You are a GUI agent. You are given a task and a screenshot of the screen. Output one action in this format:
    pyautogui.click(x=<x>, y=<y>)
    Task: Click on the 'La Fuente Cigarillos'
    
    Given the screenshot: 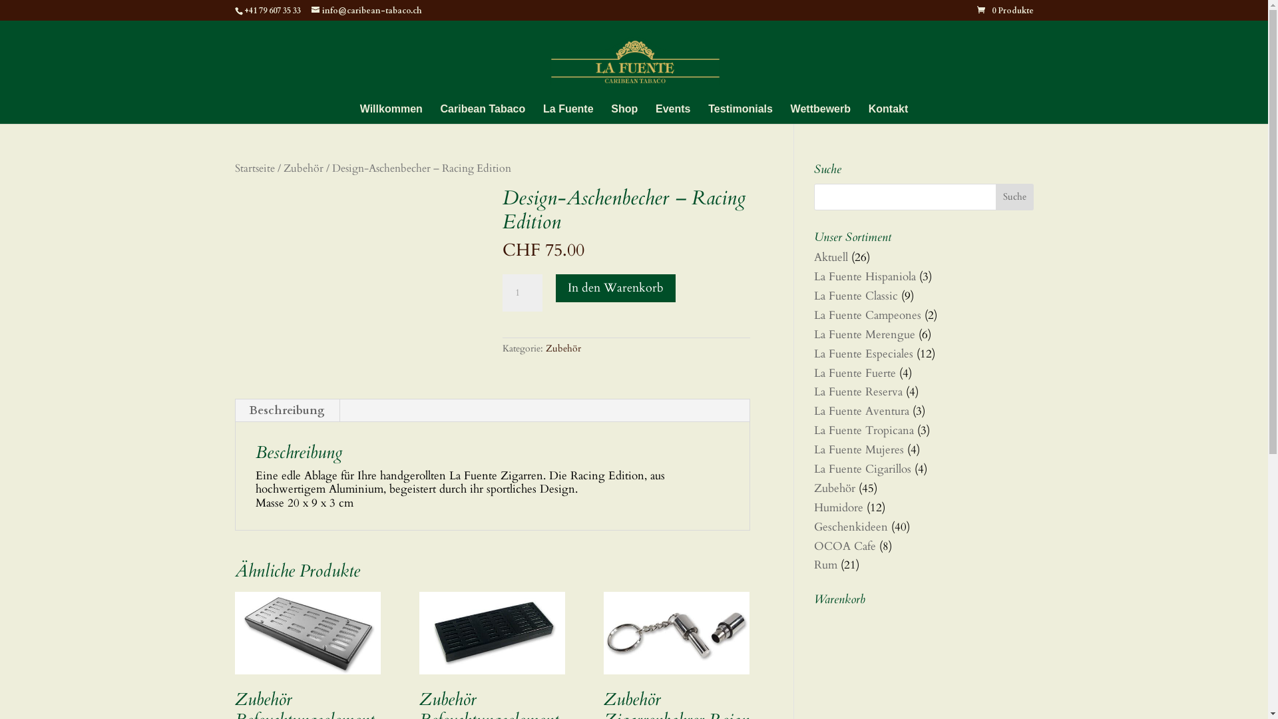 What is the action you would take?
    pyautogui.click(x=862, y=468)
    